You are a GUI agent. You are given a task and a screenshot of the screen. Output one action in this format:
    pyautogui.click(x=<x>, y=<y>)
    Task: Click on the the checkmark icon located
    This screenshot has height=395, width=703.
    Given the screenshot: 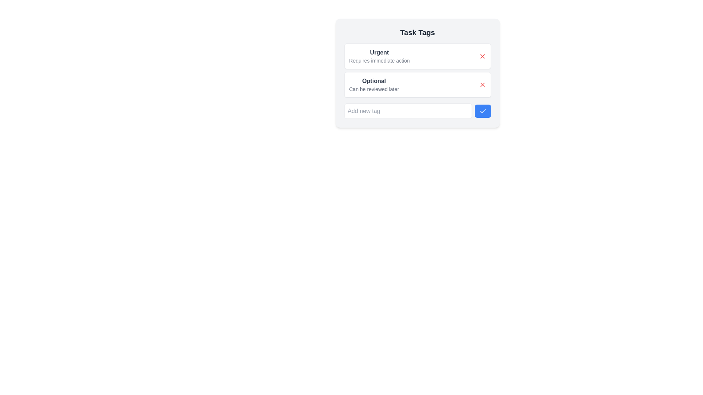 What is the action you would take?
    pyautogui.click(x=483, y=111)
    